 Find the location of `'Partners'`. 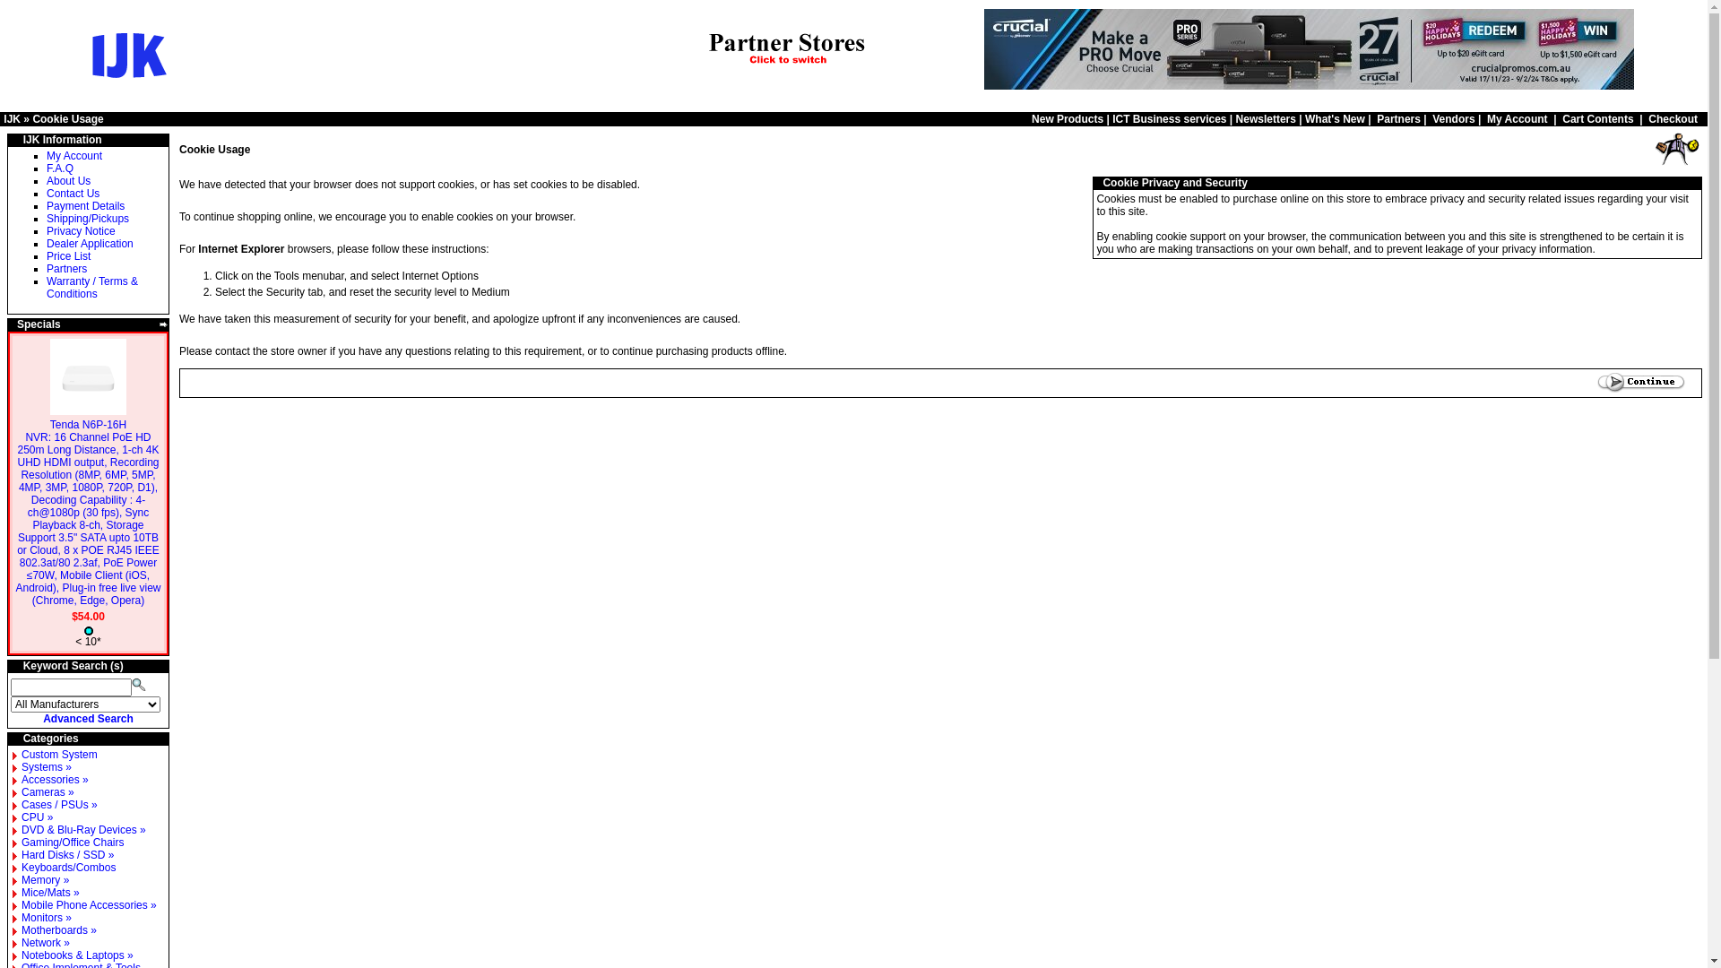

'Partners' is located at coordinates (1397, 118).